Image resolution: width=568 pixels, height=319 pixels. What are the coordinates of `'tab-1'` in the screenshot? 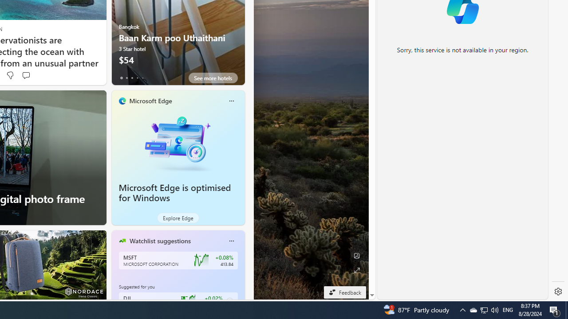 It's located at (126, 78).